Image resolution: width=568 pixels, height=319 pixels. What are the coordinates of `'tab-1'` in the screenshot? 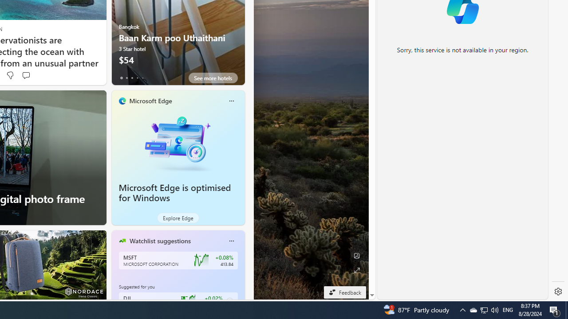 It's located at (126, 78).